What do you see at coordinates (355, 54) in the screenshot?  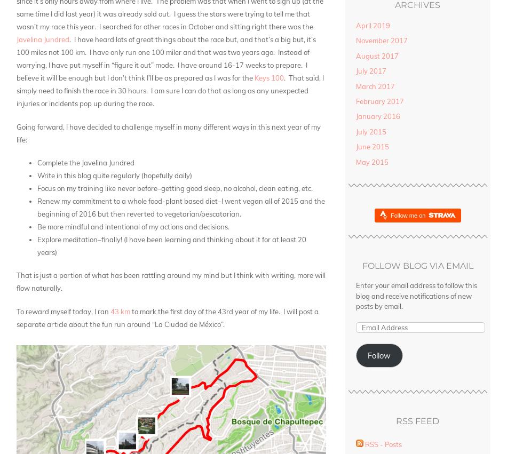 I see `'August 2017'` at bounding box center [355, 54].